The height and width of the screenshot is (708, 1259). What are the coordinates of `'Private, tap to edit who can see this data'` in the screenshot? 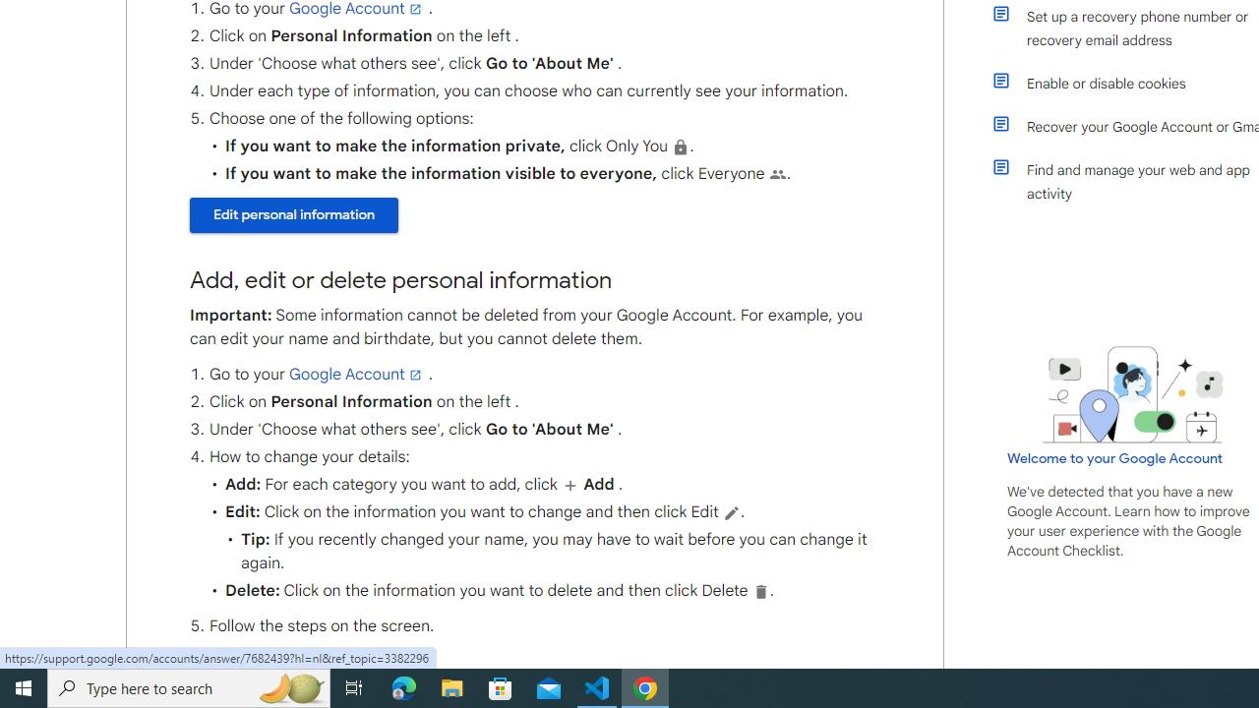 It's located at (681, 146).